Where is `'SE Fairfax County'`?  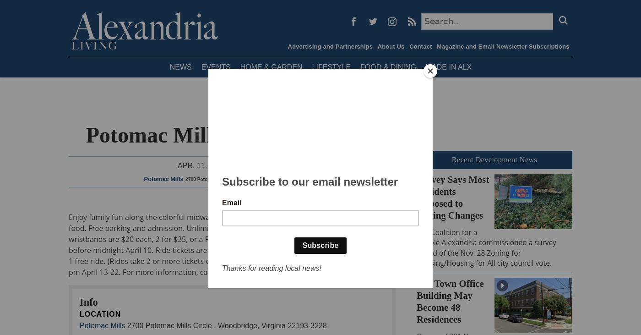
'SE Fairfax County' is located at coordinates (223, 144).